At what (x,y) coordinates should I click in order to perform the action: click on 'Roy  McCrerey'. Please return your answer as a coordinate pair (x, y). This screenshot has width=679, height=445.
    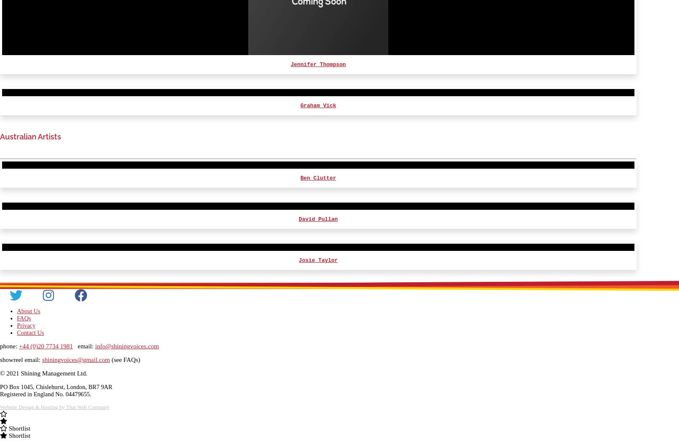
    Looking at the image, I should click on (318, 43).